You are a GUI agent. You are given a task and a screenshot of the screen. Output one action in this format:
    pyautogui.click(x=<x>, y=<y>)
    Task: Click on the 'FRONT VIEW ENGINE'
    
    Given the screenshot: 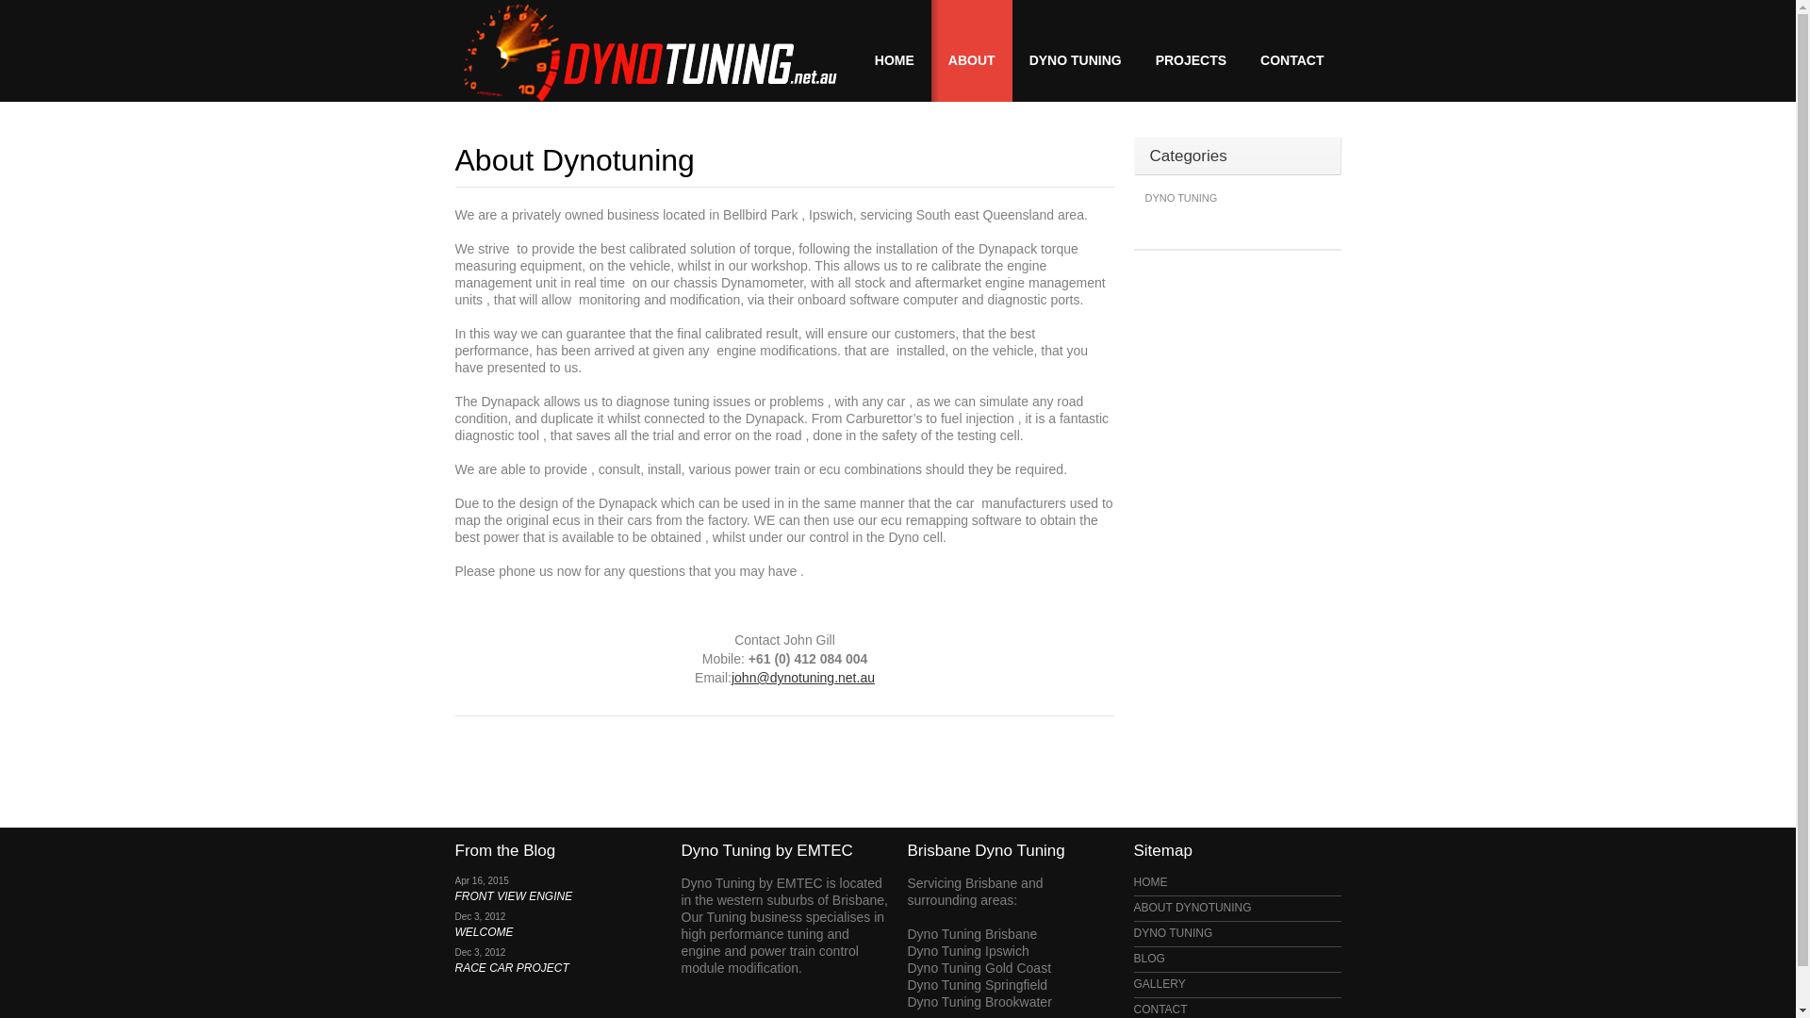 What is the action you would take?
    pyautogui.click(x=513, y=895)
    